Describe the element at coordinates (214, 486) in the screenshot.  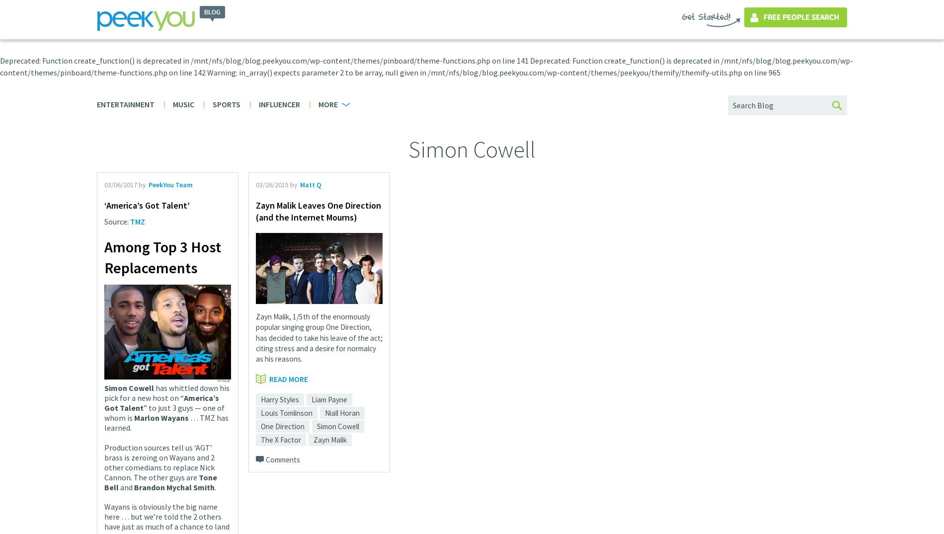
I see `'.'` at that location.